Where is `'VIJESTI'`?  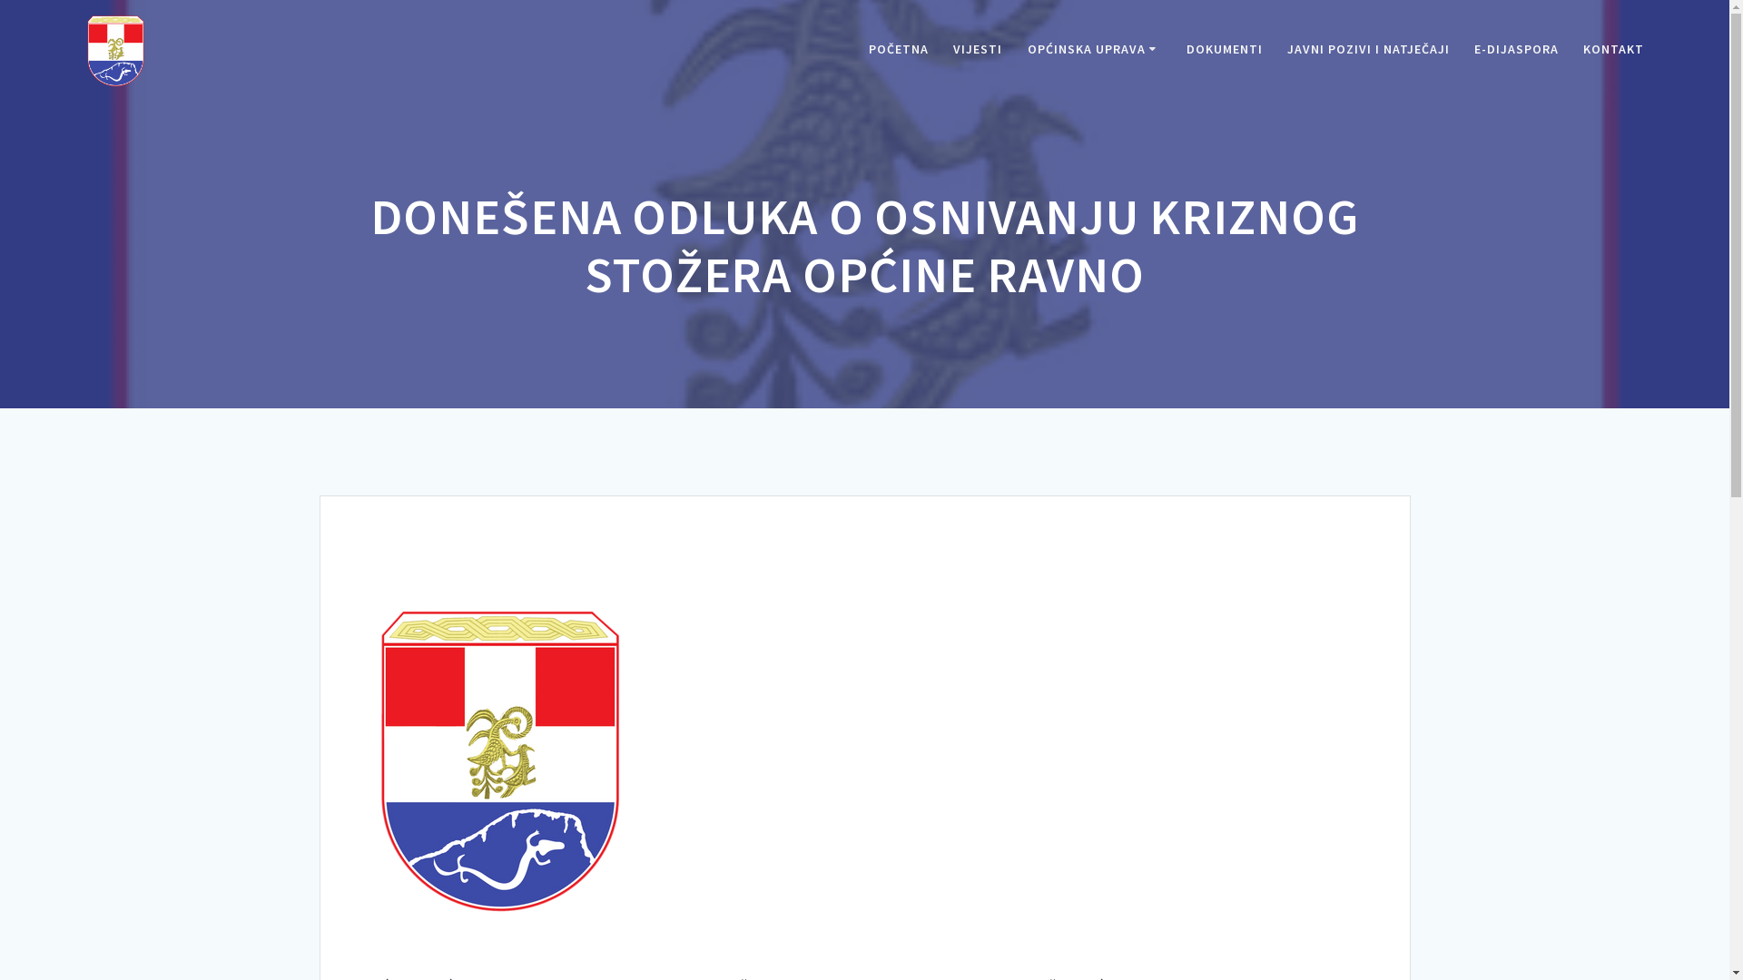 'VIJESTI' is located at coordinates (976, 49).